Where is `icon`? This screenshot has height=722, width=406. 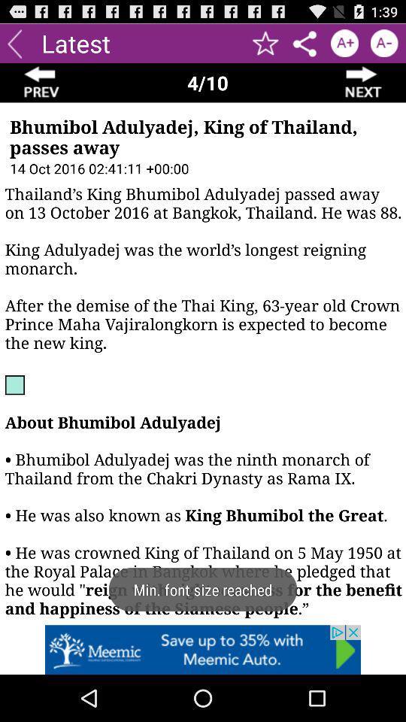
icon is located at coordinates (344, 42).